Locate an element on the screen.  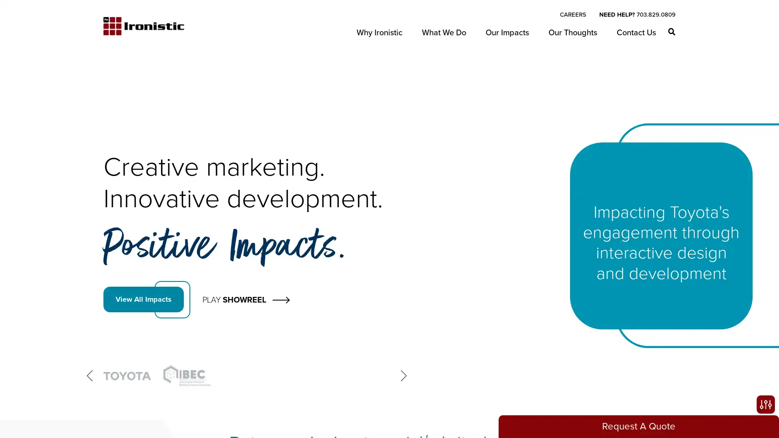
Open accessibility options, statement and help is located at coordinates (761, 404).